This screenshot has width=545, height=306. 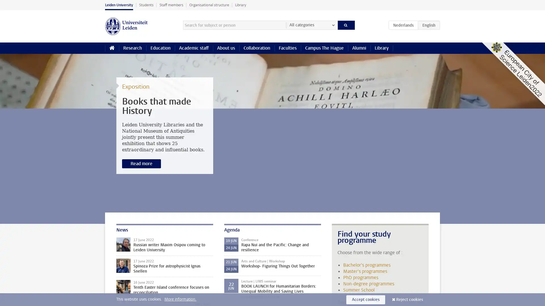 I want to click on Reject cookies, so click(x=410, y=299).